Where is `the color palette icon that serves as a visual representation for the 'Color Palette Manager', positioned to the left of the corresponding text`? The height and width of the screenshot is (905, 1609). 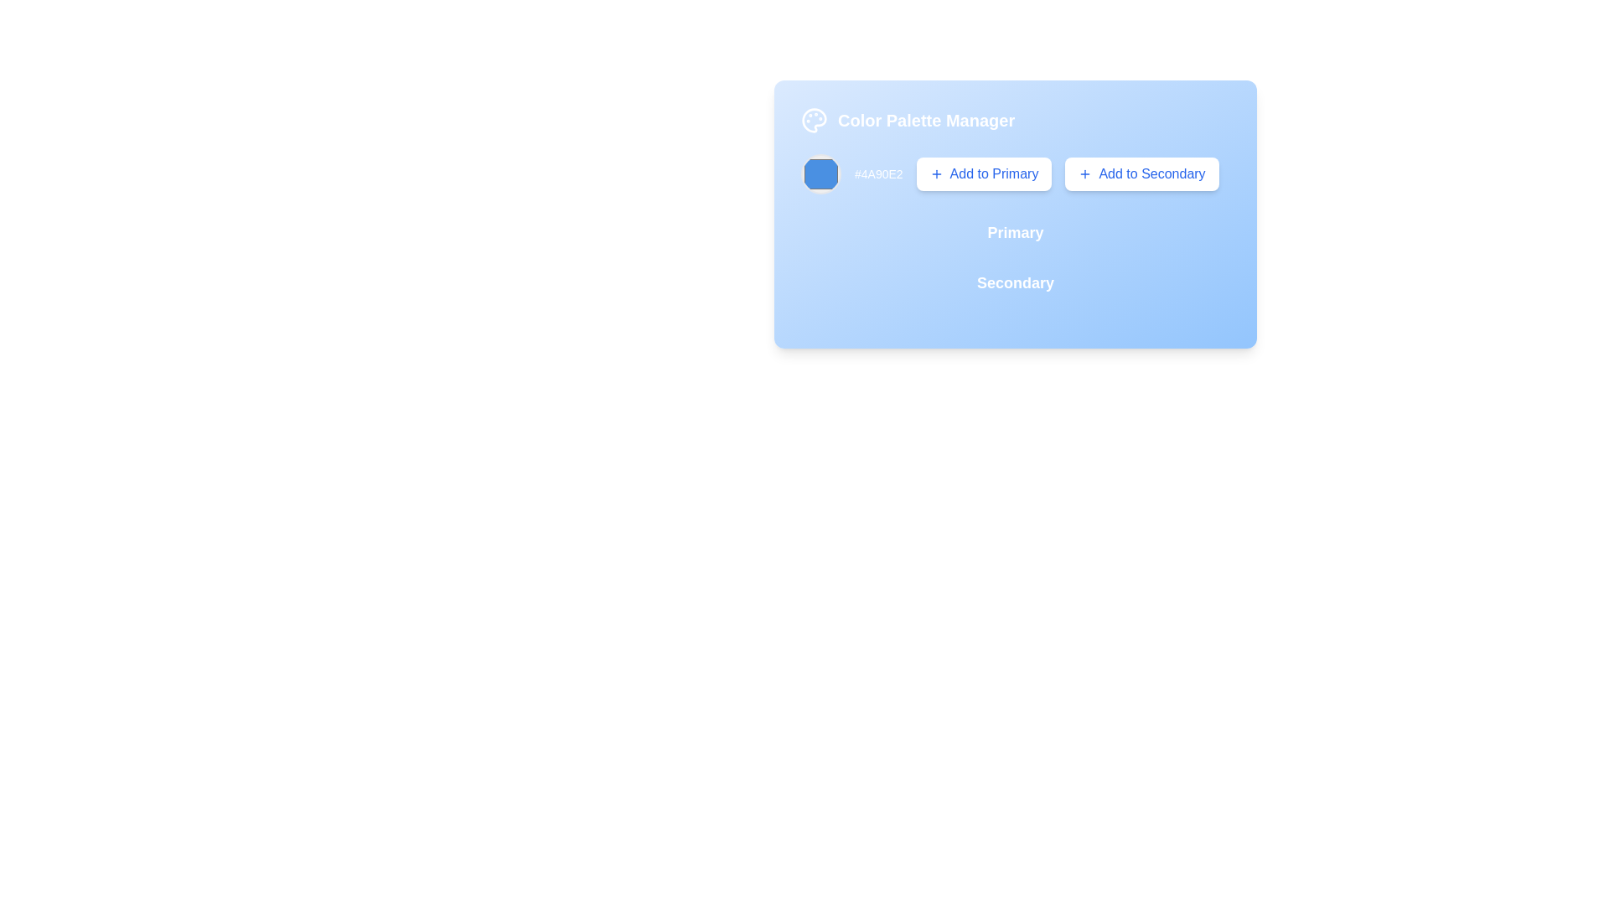
the color palette icon that serves as a visual representation for the 'Color Palette Manager', positioned to the left of the corresponding text is located at coordinates (814, 119).